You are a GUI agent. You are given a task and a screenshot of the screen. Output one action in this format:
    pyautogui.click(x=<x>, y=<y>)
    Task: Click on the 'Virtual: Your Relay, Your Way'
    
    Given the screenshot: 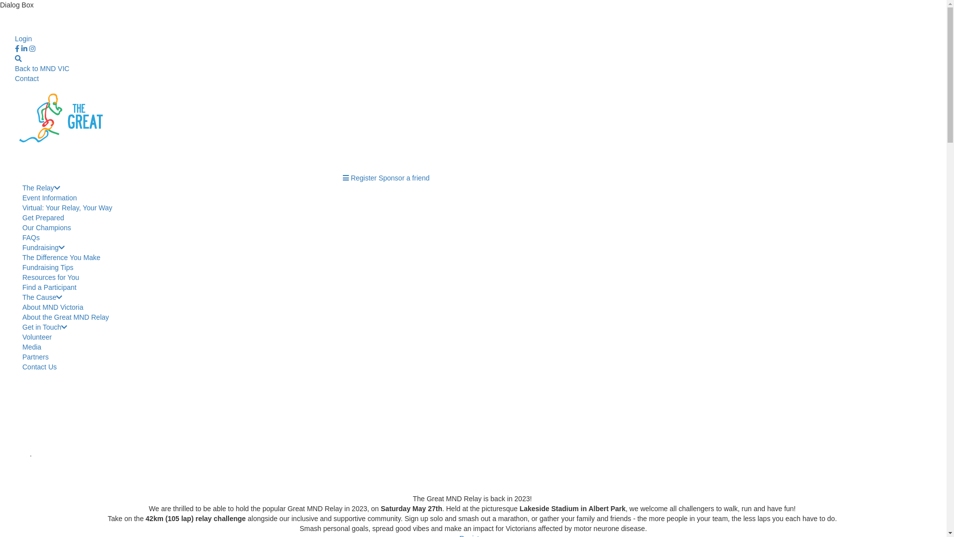 What is the action you would take?
    pyautogui.click(x=67, y=207)
    